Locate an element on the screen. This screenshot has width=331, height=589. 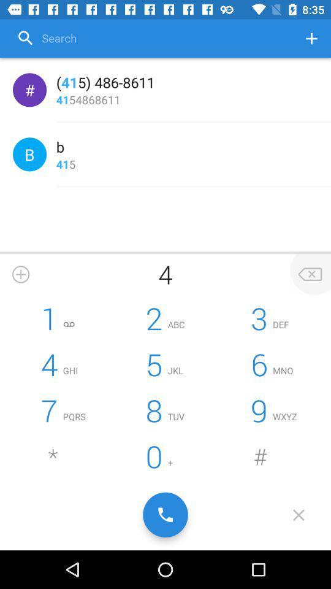
call the number entered is located at coordinates (165, 515).